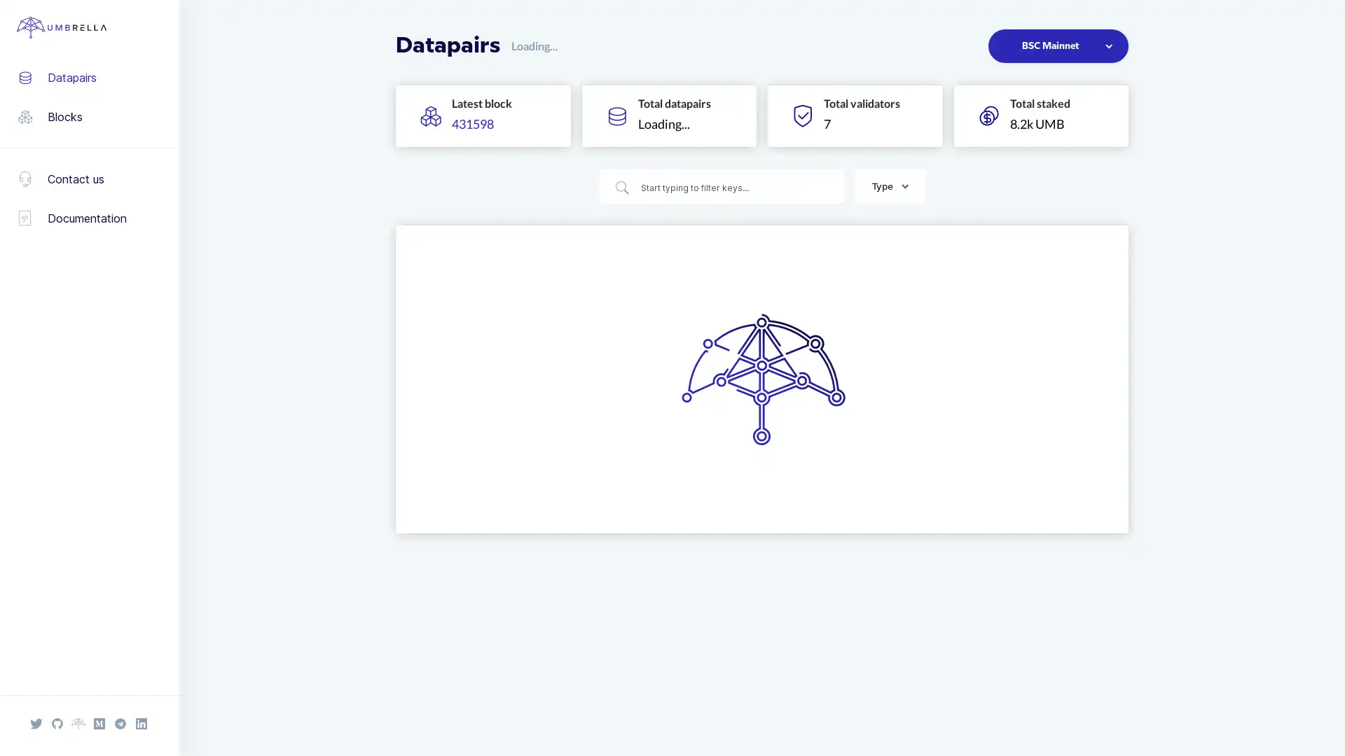 The height and width of the screenshot is (756, 1345). Describe the element at coordinates (89, 78) in the screenshot. I see `Datapairs` at that location.